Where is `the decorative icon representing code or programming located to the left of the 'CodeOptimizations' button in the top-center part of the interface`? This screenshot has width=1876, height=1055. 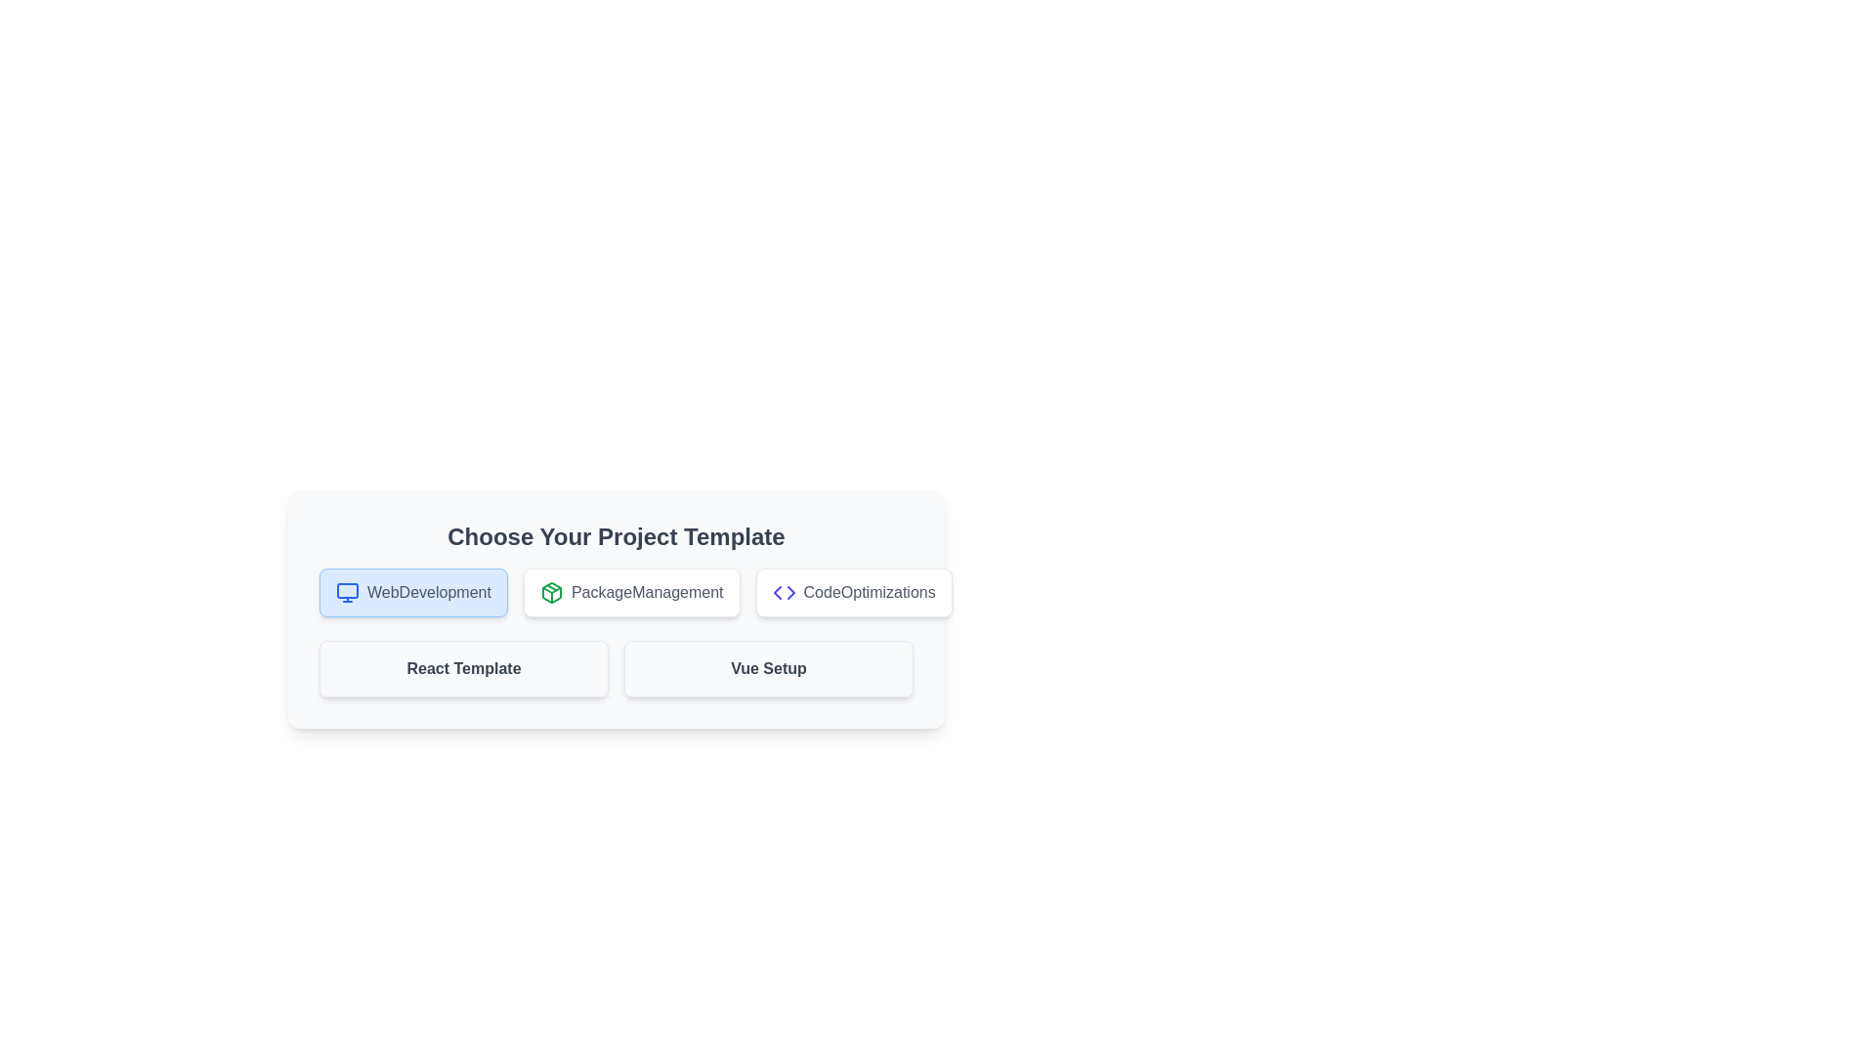 the decorative icon representing code or programming located to the left of the 'CodeOptimizations' button in the top-center part of the interface is located at coordinates (784, 591).